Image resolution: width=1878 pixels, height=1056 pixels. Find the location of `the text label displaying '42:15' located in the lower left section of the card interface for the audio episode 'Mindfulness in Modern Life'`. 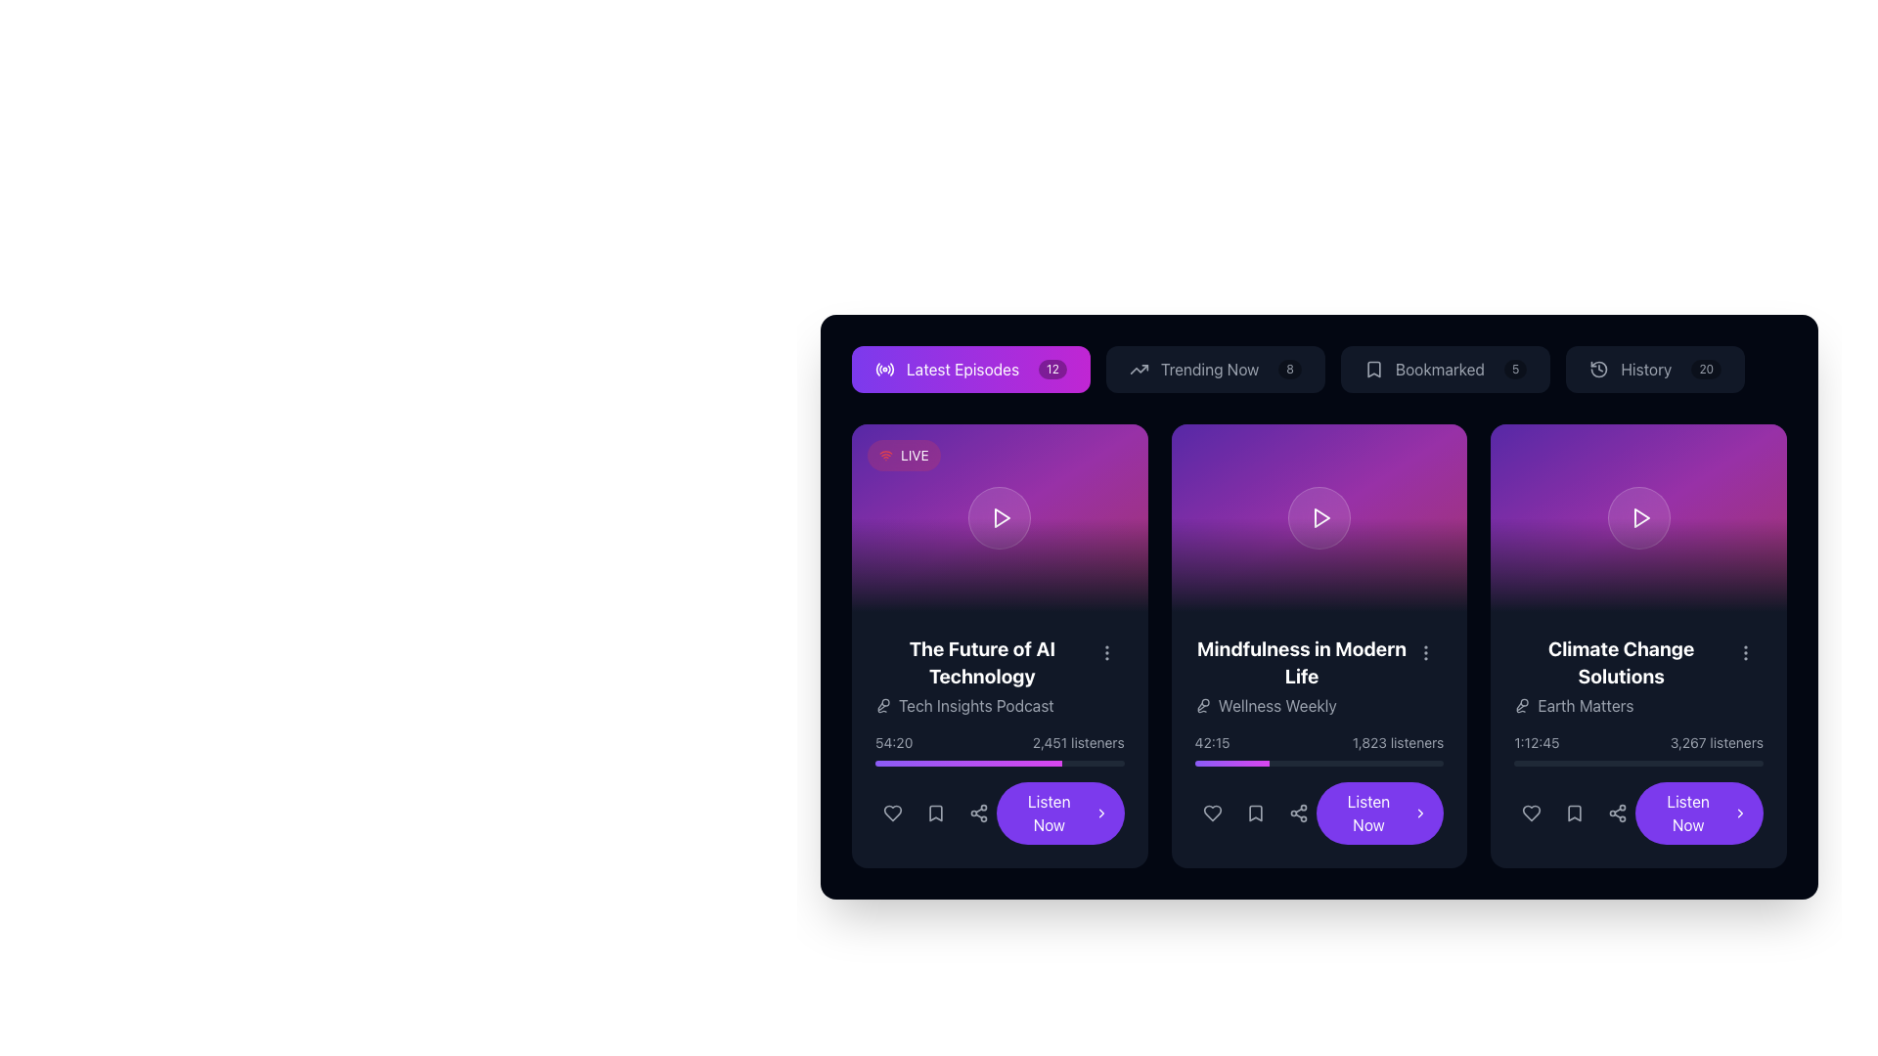

the text label displaying '42:15' located in the lower left section of the card interface for the audio episode 'Mindfulness in Modern Life' is located at coordinates (1211, 742).